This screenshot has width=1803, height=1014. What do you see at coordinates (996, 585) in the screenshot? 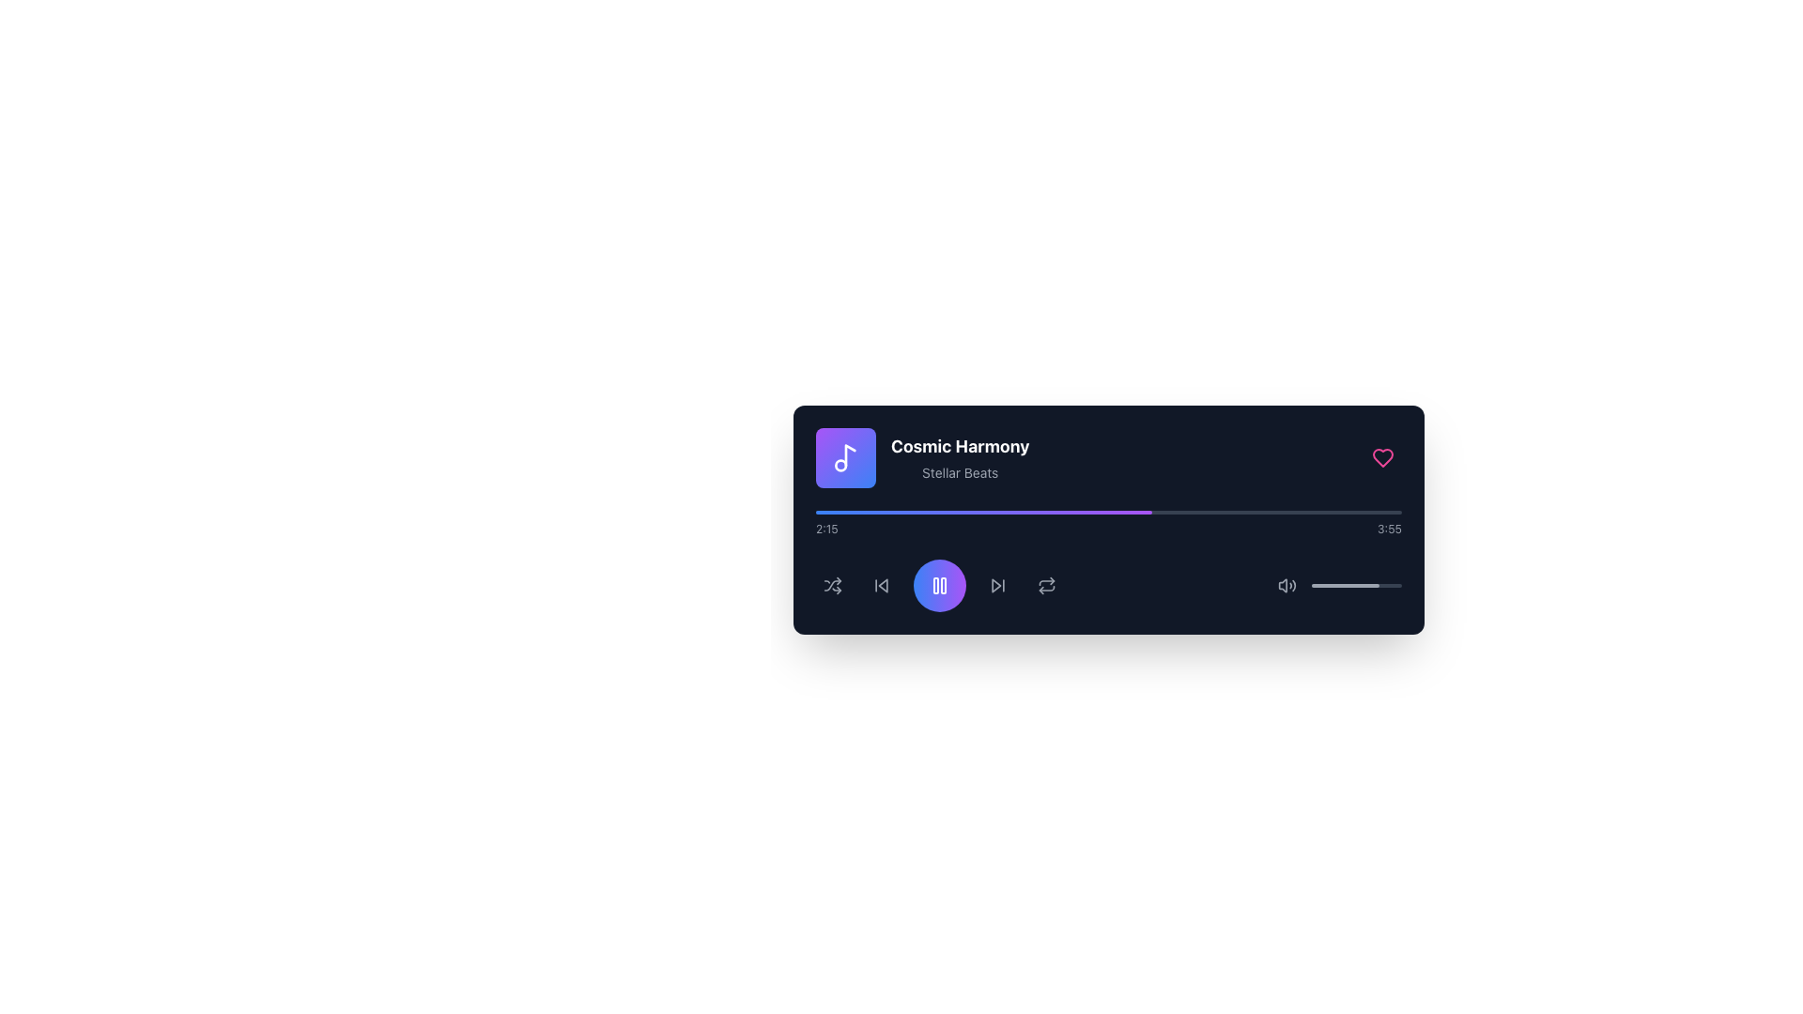
I see `the Icon button that allows users to skip to the next track in the media player, located to the right of the central play button` at bounding box center [996, 585].